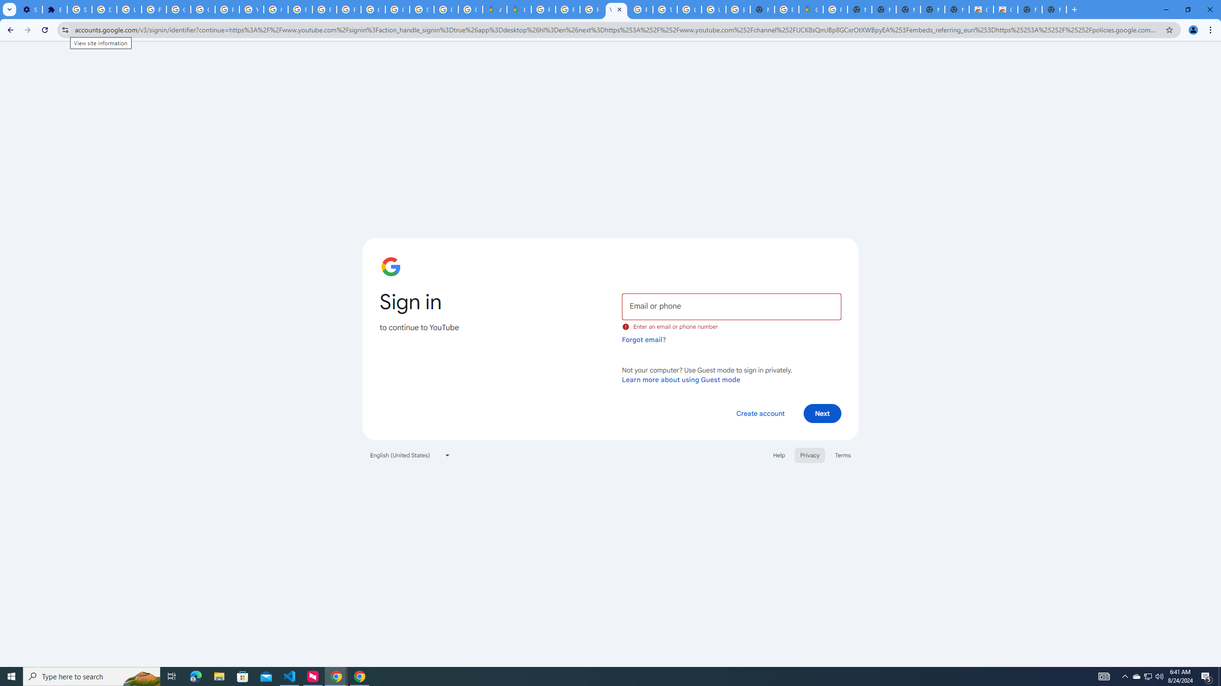  I want to click on 'Policy Accountability and Transparency - Transparency Center', so click(544, 9).